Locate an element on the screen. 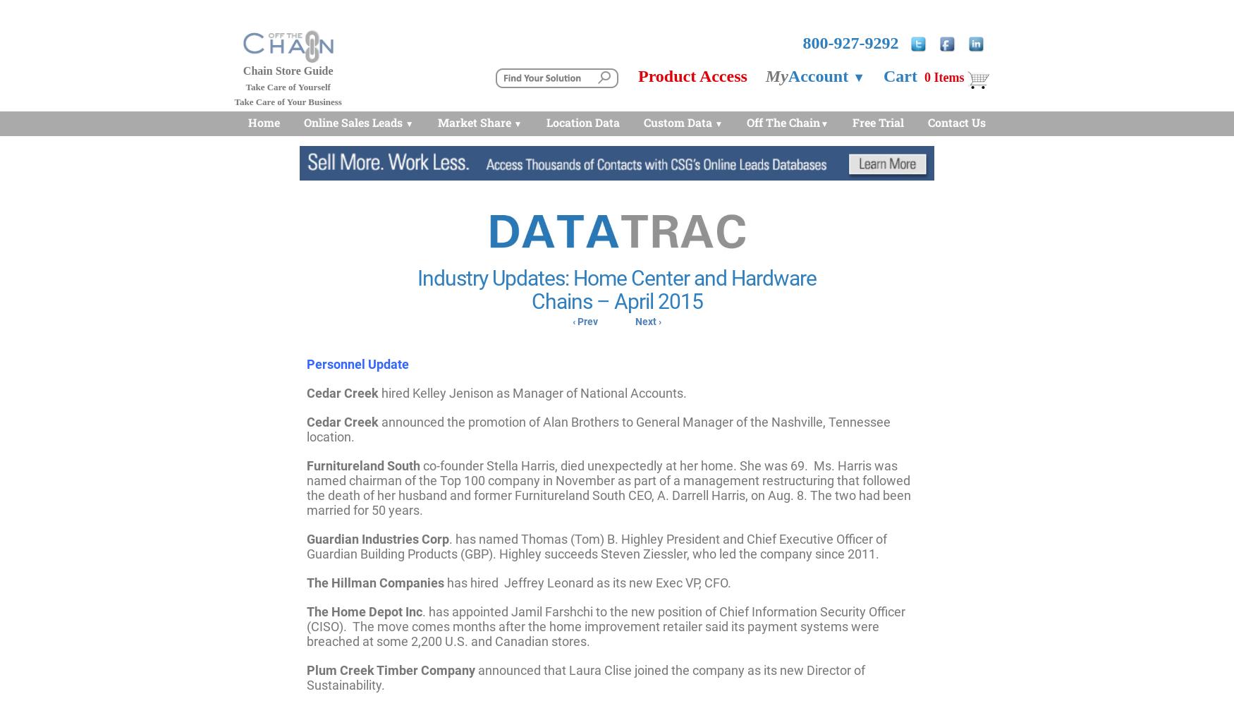 The height and width of the screenshot is (701, 1234). 'Market Share' is located at coordinates (474, 122).